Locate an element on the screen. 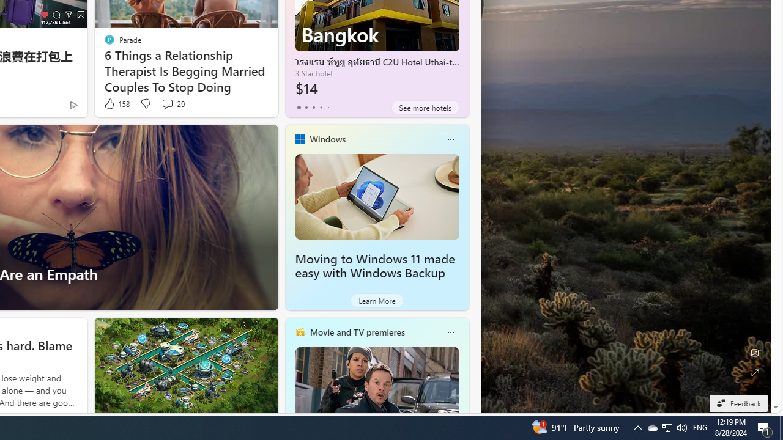  'Class: icon-img' is located at coordinates (450, 332).